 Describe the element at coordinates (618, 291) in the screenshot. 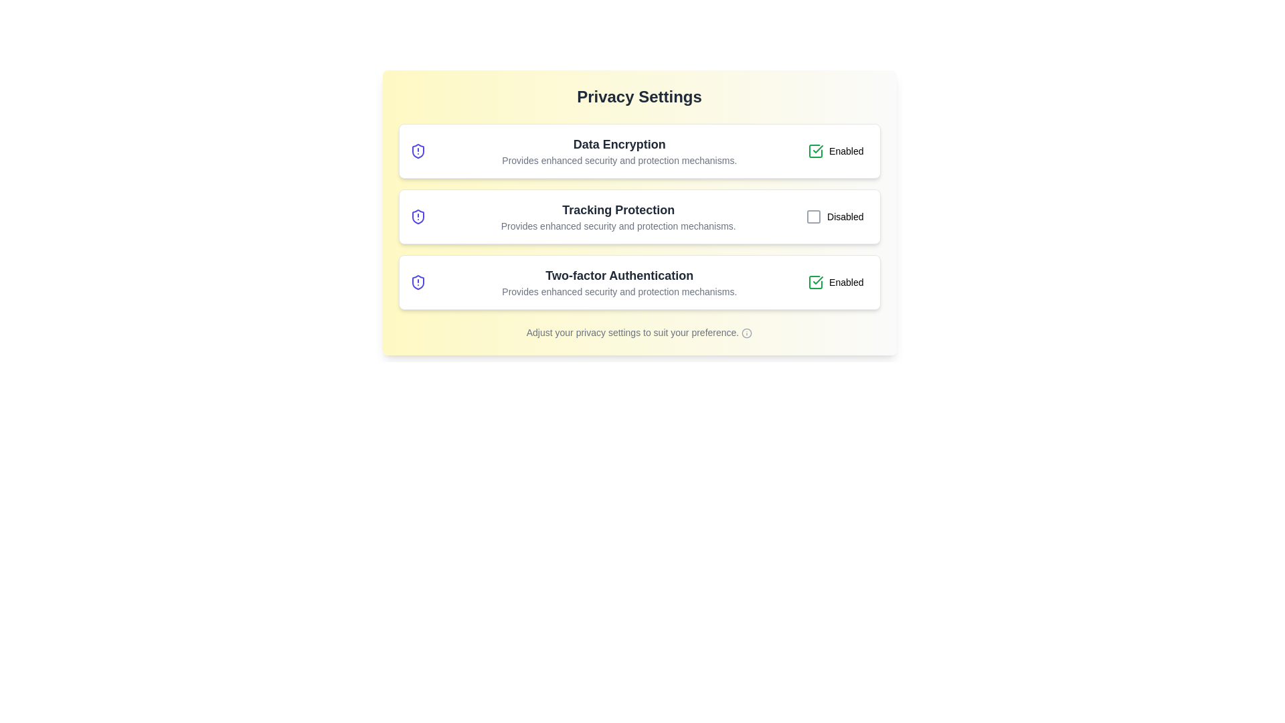

I see `the Text Label that describes the 'Two-factor Authentication' setting, which is located directly below the heading in the Privacy Settings section` at that location.